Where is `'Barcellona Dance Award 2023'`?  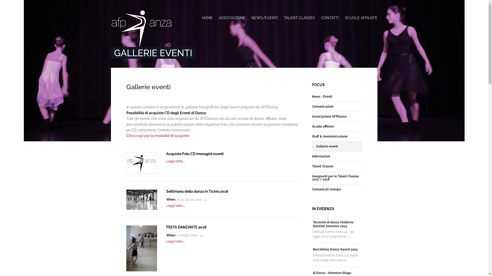
'Barcellona Dance Award 2023' is located at coordinates (335, 249).